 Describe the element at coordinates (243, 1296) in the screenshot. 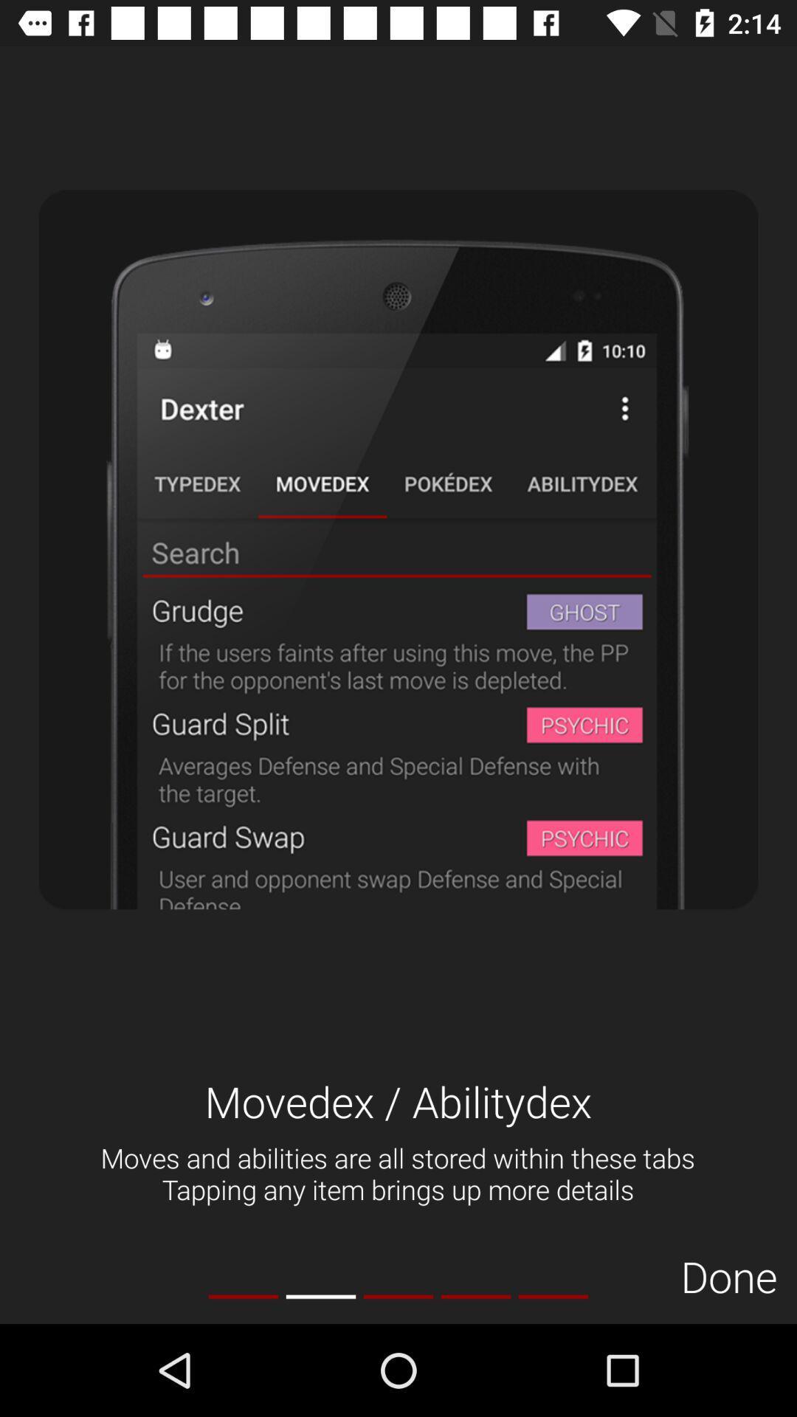

I see `item below moves and abilities item` at that location.